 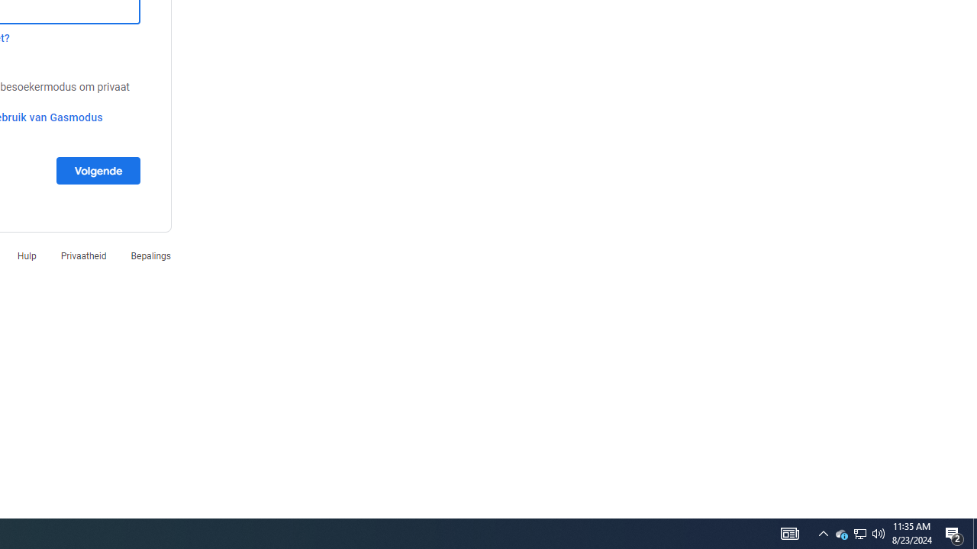 What do you see at coordinates (97, 170) in the screenshot?
I see `'Volgende'` at bounding box center [97, 170].